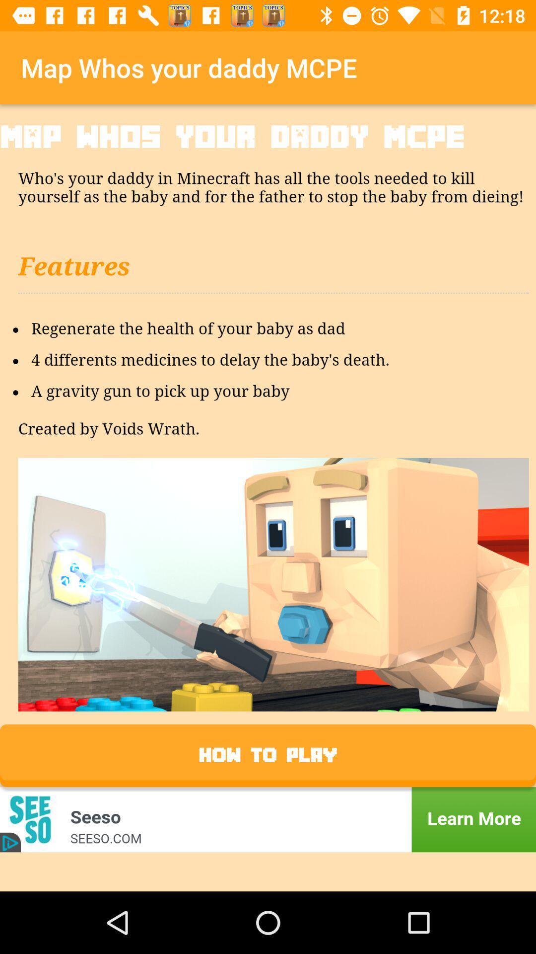 The image size is (536, 954). Describe the element at coordinates (268, 819) in the screenshot. I see `advertisement` at that location.